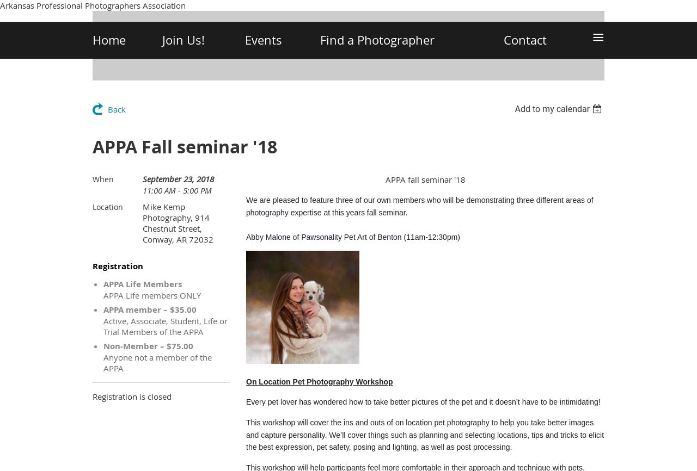  Describe the element at coordinates (183, 40) in the screenshot. I see `'Join Us!'` at that location.